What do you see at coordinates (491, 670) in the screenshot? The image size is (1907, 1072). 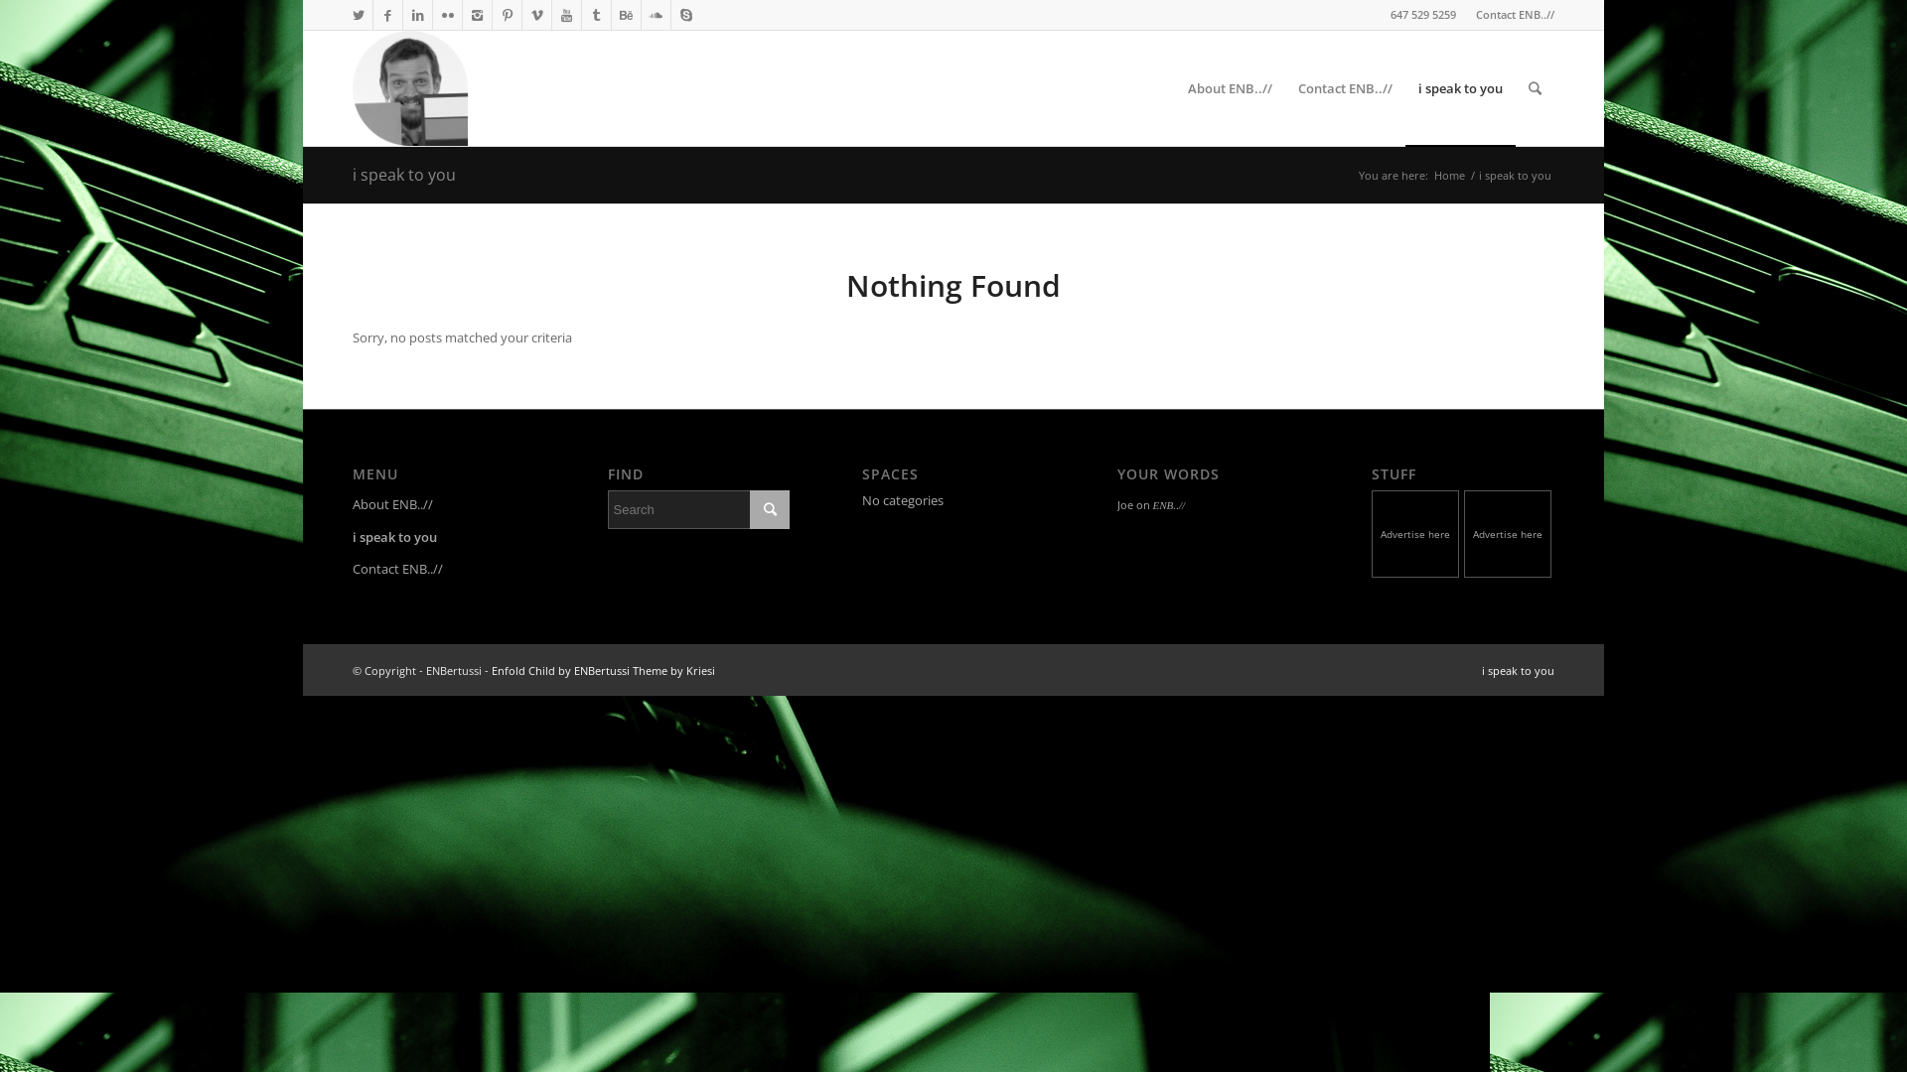 I see `'Enfold Child by ENBertussi Theme by Kriesi'` at bounding box center [491, 670].